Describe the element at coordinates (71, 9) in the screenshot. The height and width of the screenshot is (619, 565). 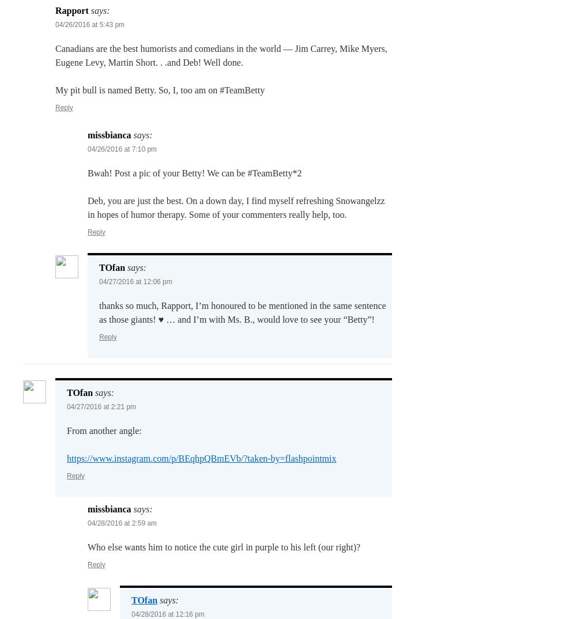
I see `'Rapport'` at that location.